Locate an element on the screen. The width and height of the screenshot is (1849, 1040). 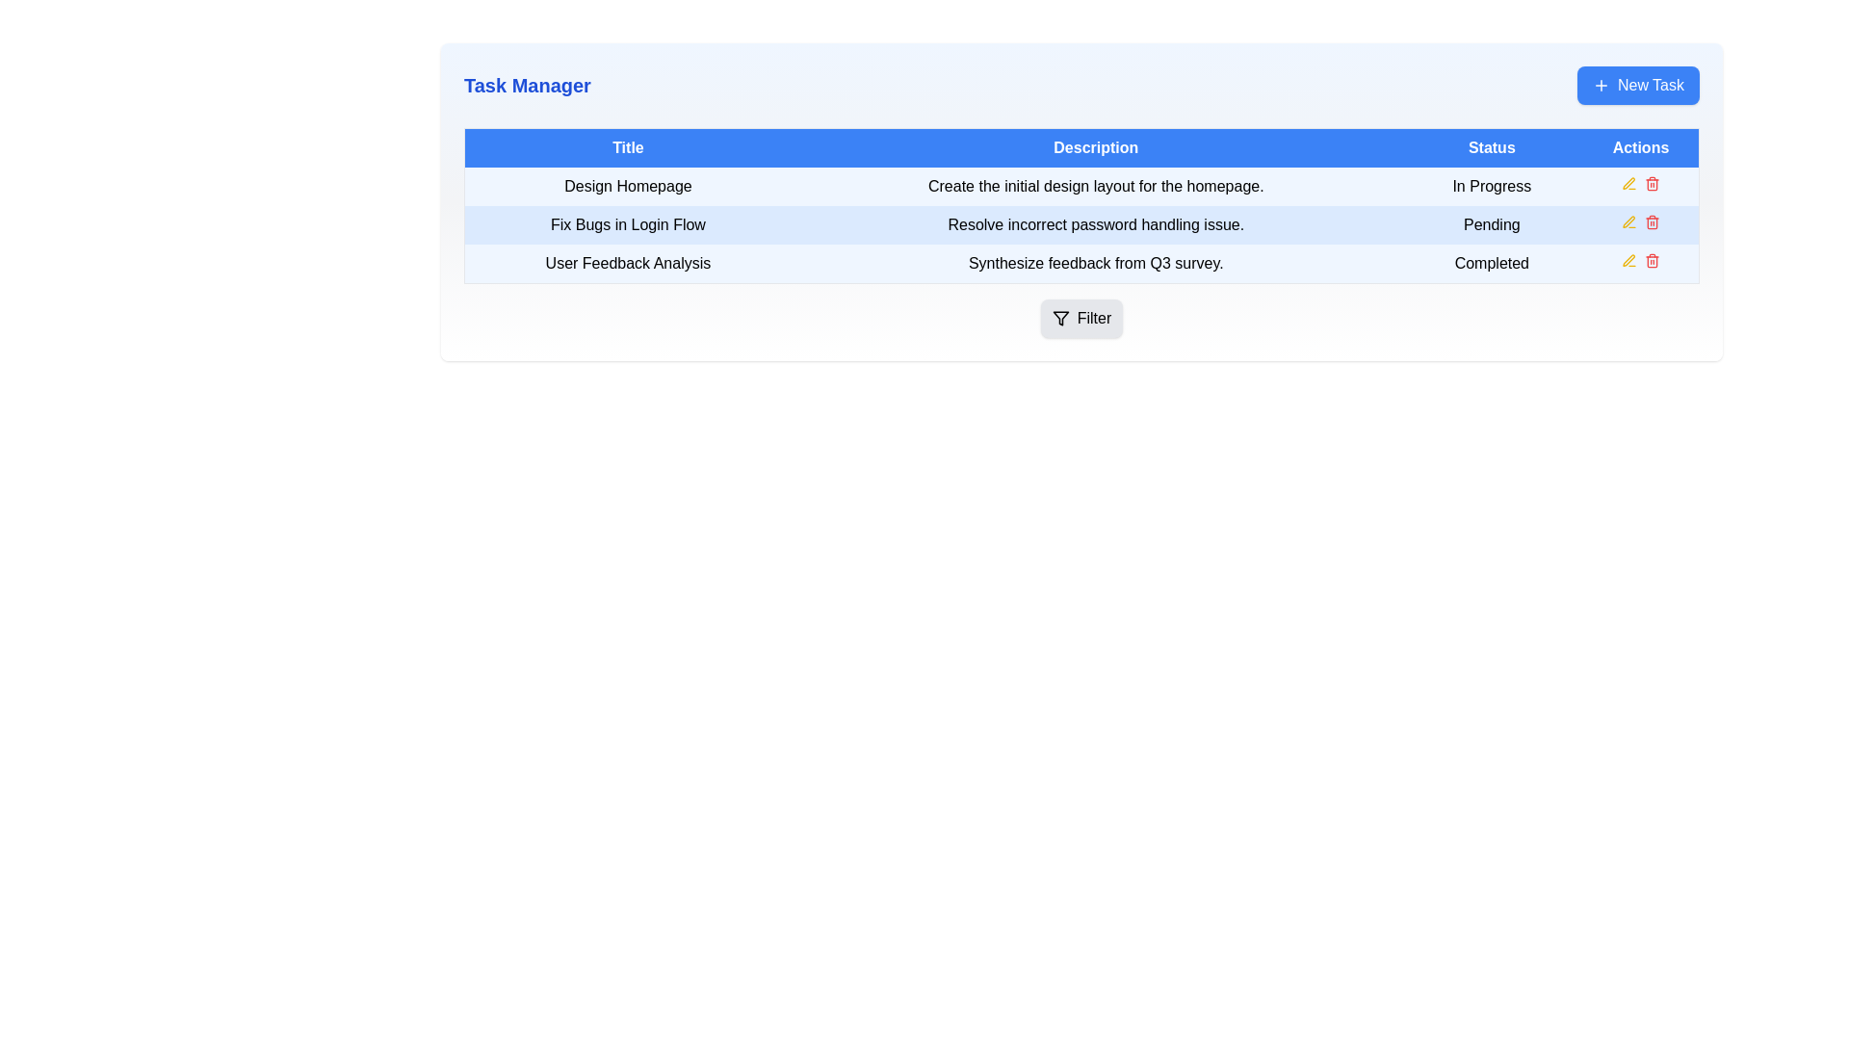
the delete icon (trash can) in the 'Actions' column of the last row for 'User Feedback Analysis' to initiate the delete action is located at coordinates (1651, 260).